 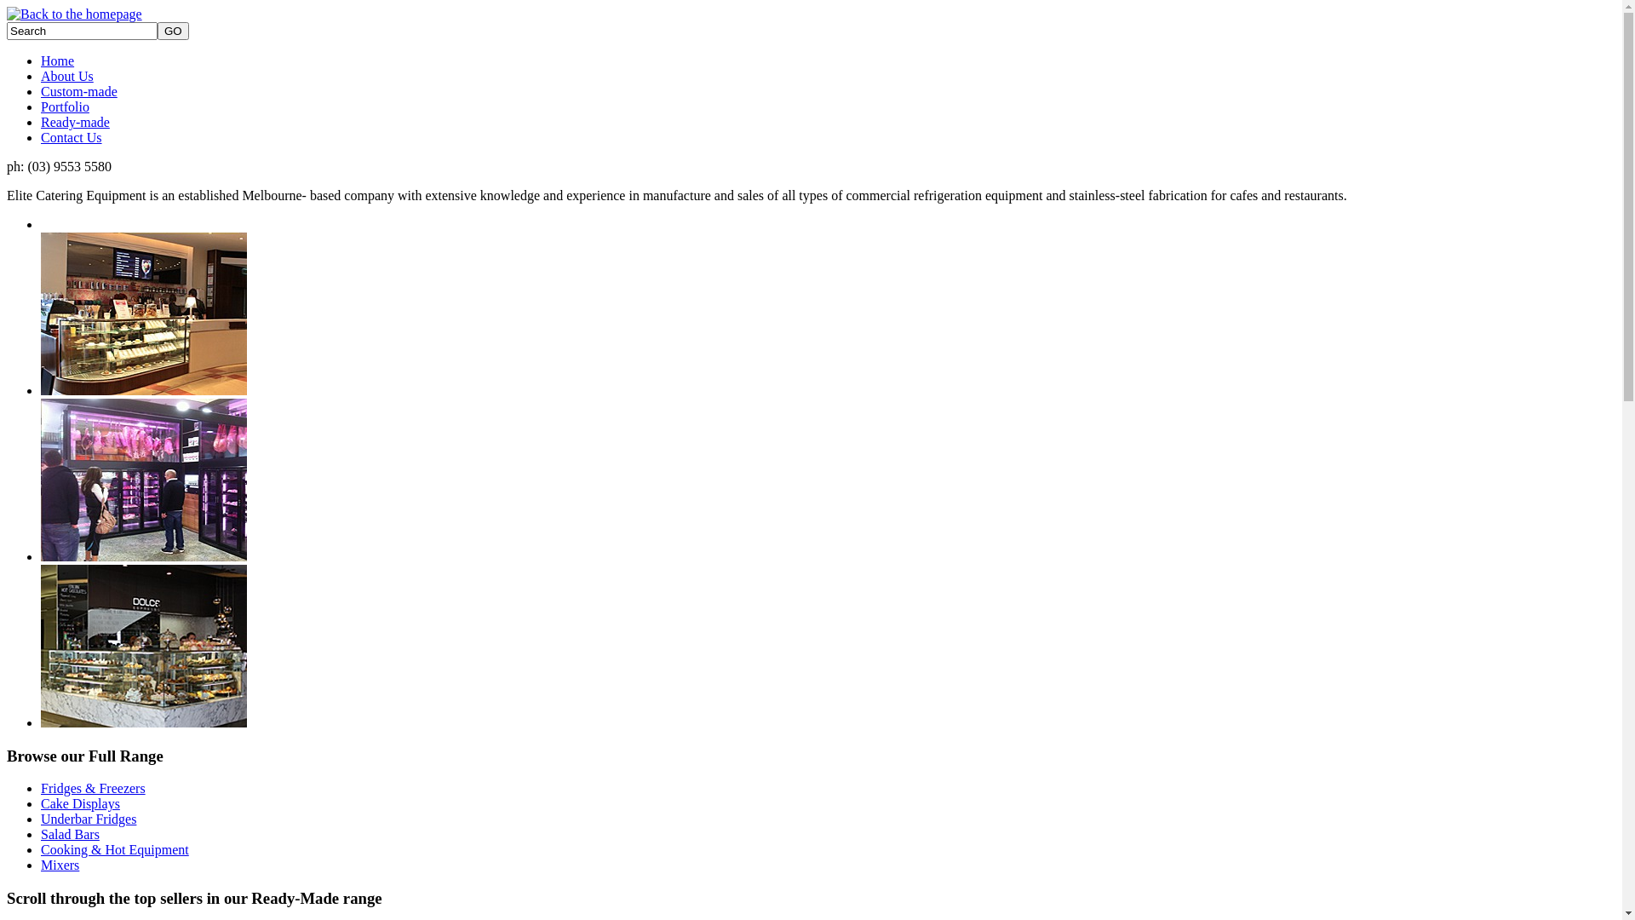 What do you see at coordinates (57, 60) in the screenshot?
I see `'Home'` at bounding box center [57, 60].